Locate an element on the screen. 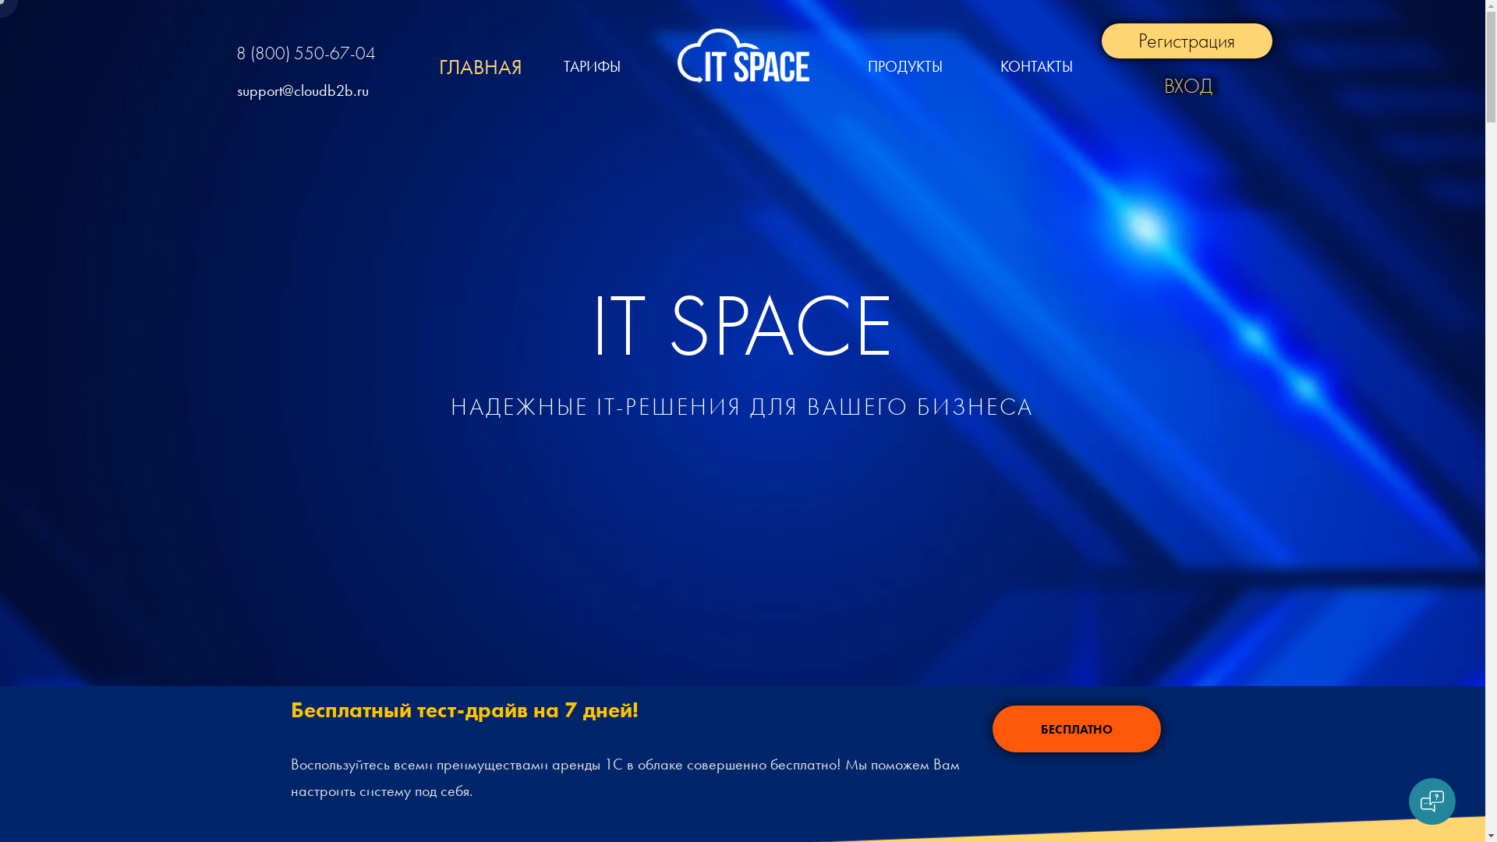 This screenshot has width=1497, height=842. 'support@cloudb2b.ru' is located at coordinates (303, 90).